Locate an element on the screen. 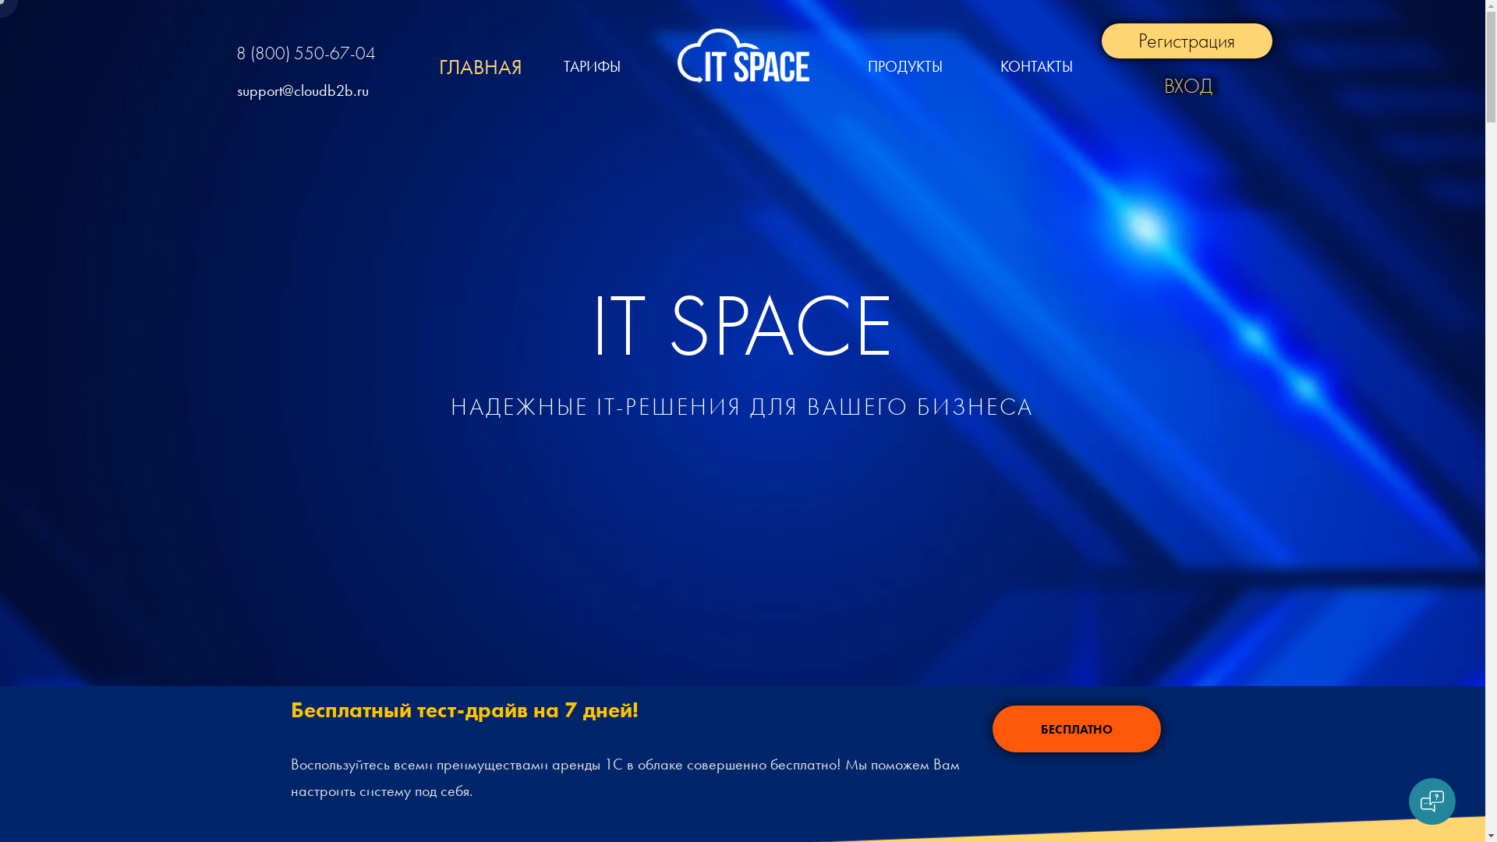 This screenshot has width=1497, height=842. 'support@cloudb2b.ru' is located at coordinates (303, 90).